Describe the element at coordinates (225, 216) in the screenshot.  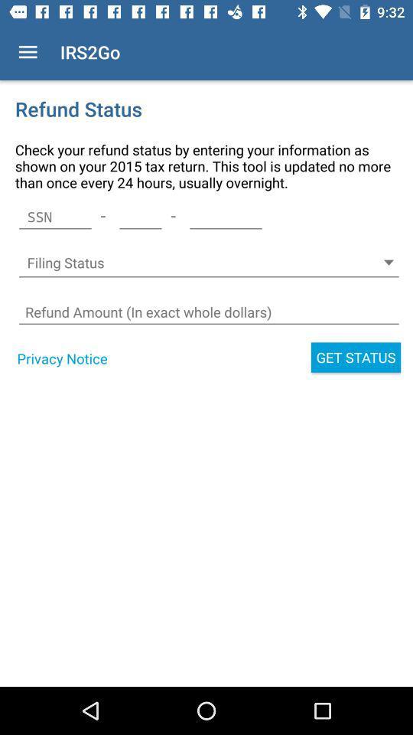
I see `the icon next to the - item` at that location.